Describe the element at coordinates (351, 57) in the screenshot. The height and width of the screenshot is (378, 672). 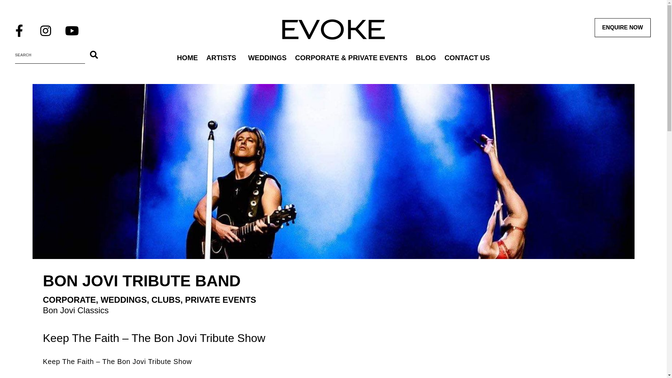
I see `'CORPORATE & PRIVATE EVENTS'` at that location.